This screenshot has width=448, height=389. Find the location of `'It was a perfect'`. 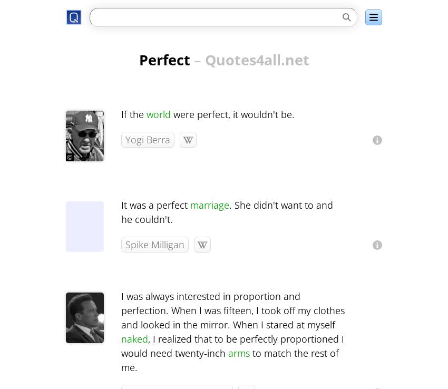

'It was a perfect' is located at coordinates (121, 204).